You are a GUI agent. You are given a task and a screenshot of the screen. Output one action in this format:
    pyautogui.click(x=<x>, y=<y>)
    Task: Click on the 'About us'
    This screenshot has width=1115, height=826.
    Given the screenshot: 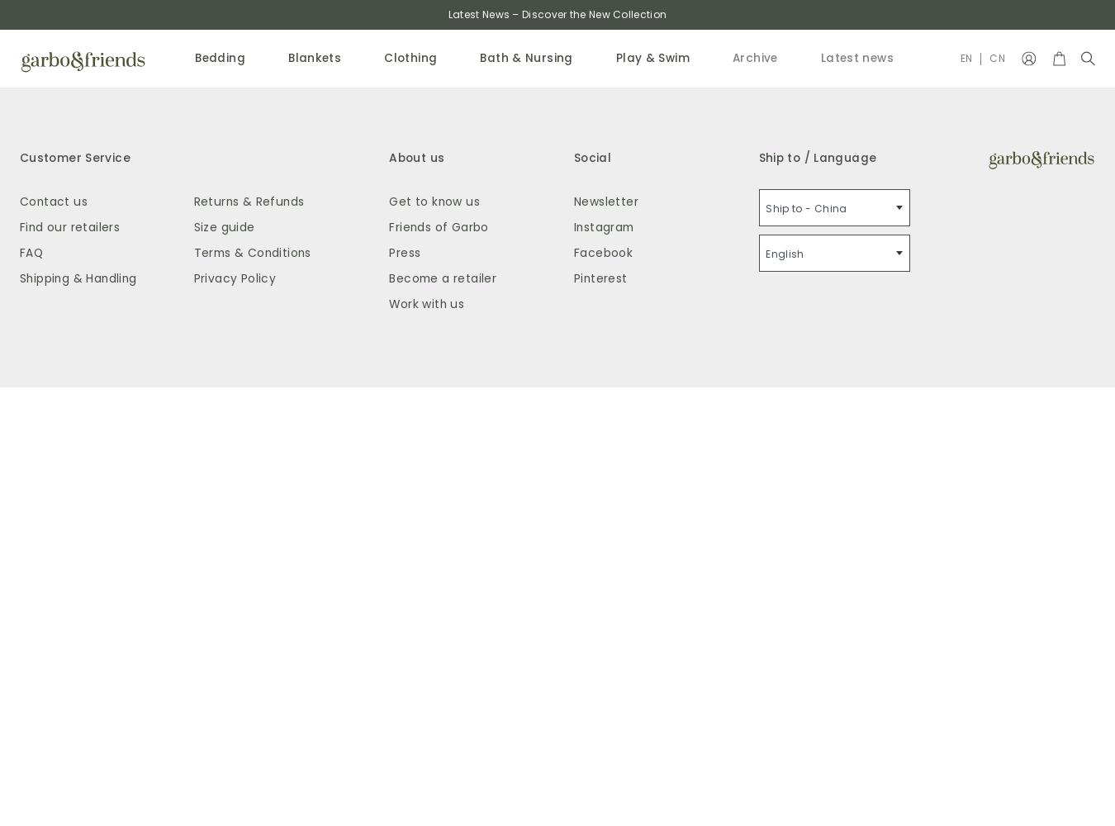 What is the action you would take?
    pyautogui.click(x=415, y=156)
    